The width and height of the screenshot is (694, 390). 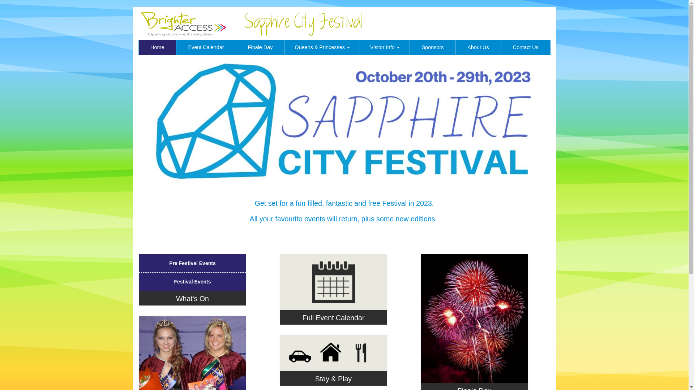 What do you see at coordinates (359, 47) in the screenshot?
I see `'Visitor Info '` at bounding box center [359, 47].